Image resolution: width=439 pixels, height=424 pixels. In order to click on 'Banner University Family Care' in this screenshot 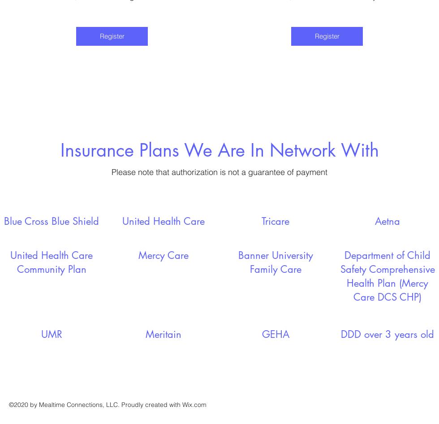, I will do `click(275, 262)`.